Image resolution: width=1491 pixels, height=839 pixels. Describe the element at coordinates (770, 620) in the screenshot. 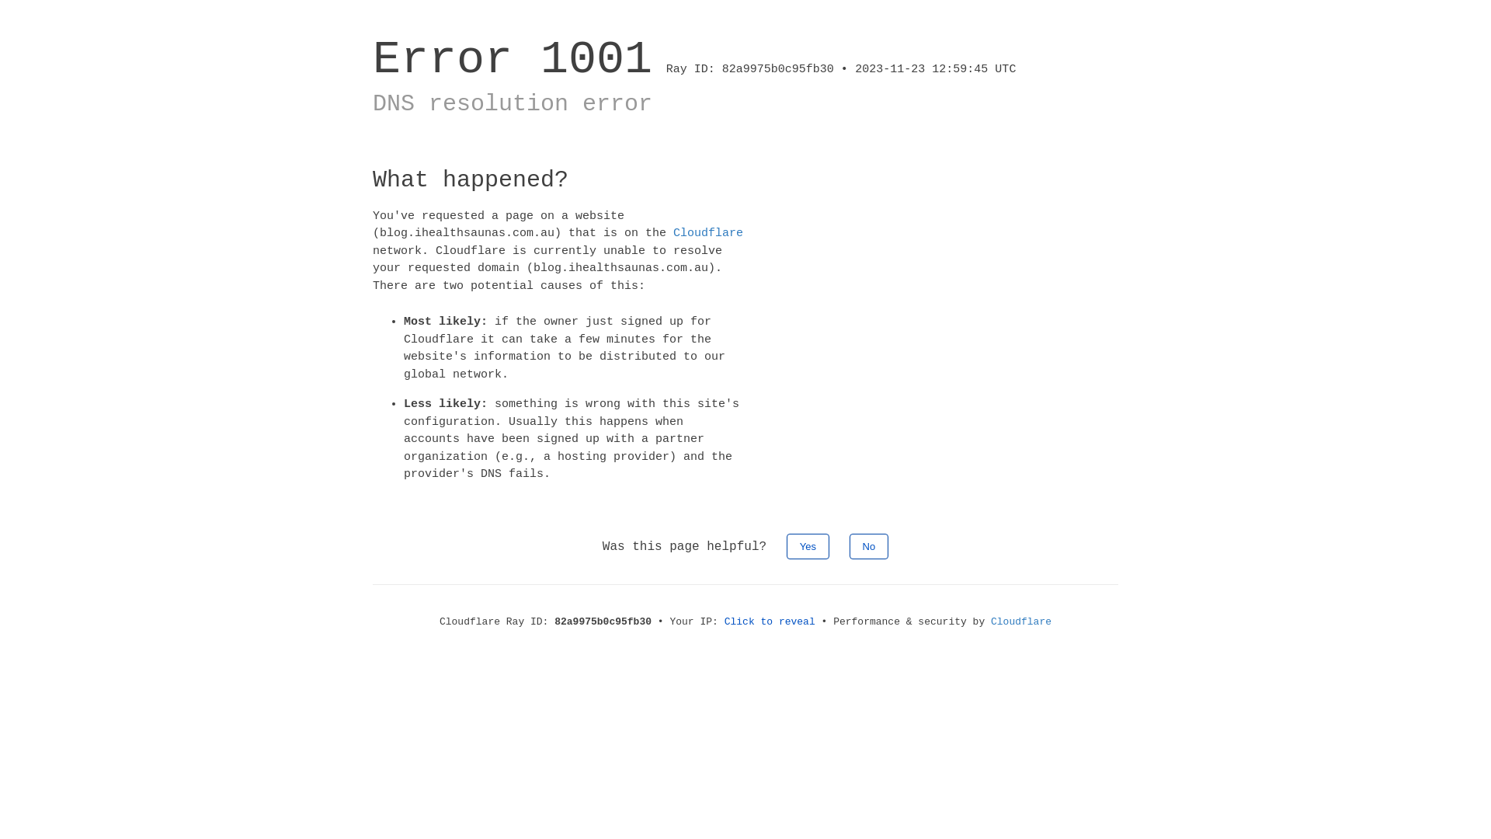

I see `'Click to reveal'` at that location.